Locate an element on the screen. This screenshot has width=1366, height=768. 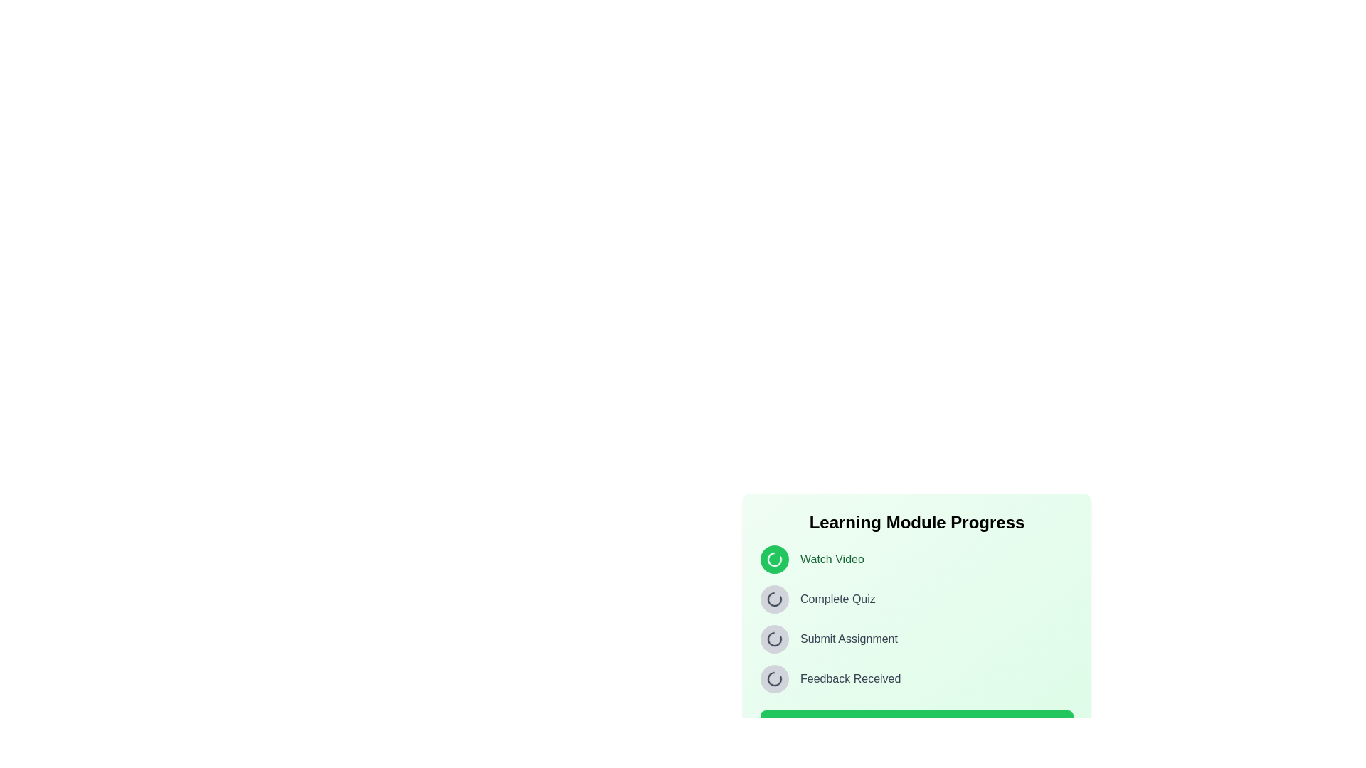
the 'Watch Video' static text label, which is styled in green and located in the 'Learning Module Progress' section, next to a round green icon is located at coordinates (832, 558).